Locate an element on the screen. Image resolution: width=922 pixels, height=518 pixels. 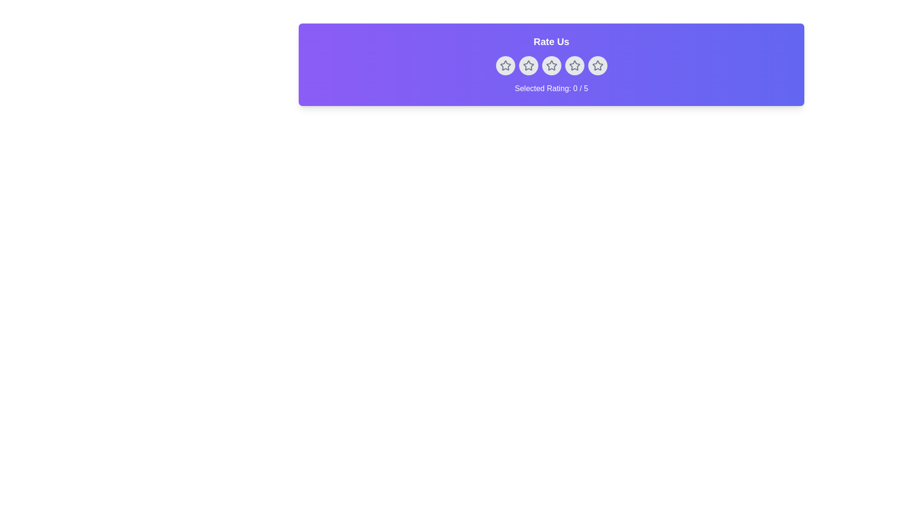
the rating to 5 stars by clicking on the corresponding star is located at coordinates (597, 65).